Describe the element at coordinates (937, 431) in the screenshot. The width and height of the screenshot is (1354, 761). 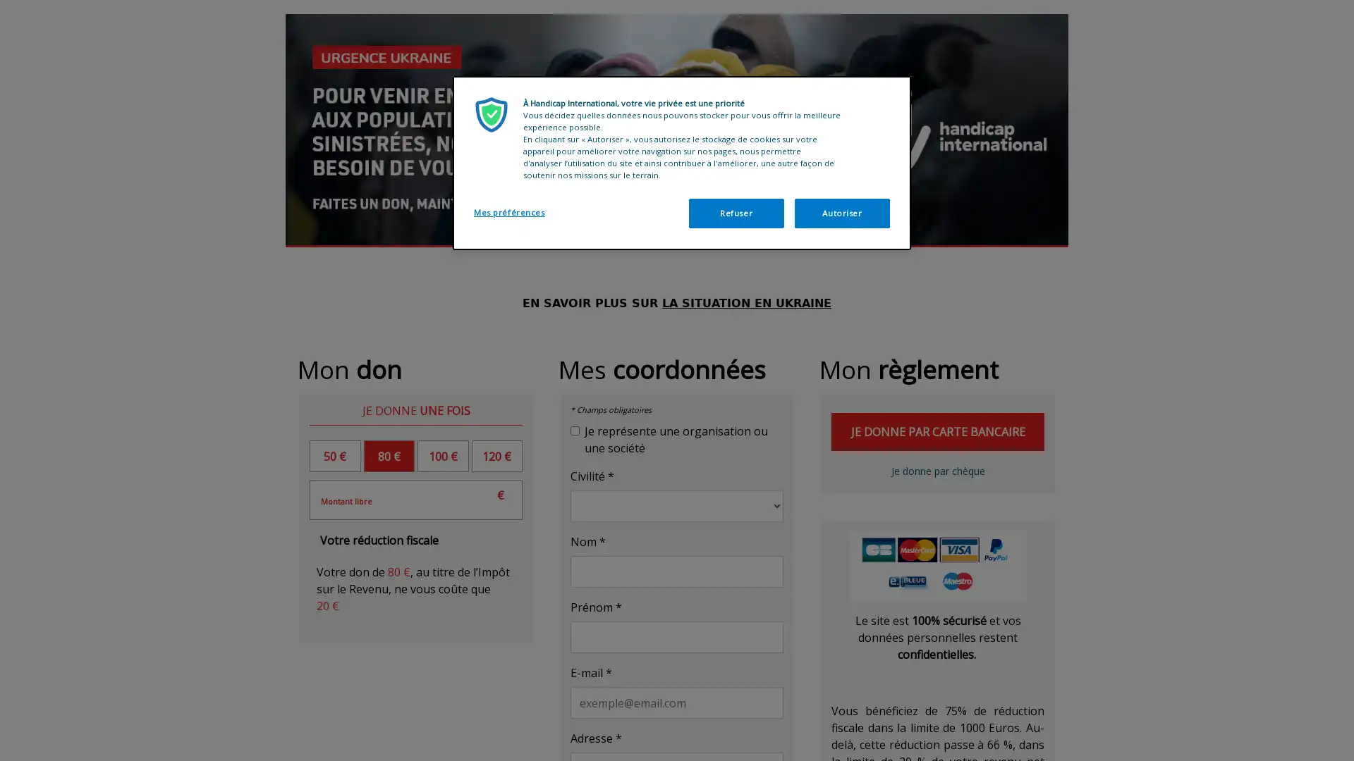
I see `Je regle 80` at that location.